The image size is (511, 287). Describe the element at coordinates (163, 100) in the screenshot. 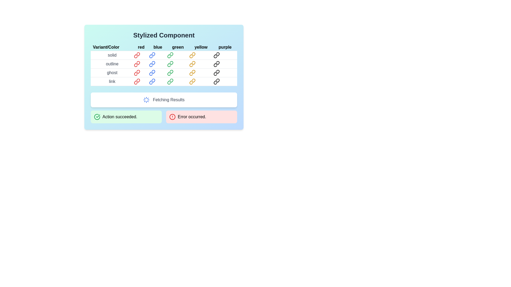

I see `the loading status of the Status Indicator, which features a blue circular loading spinner and the text 'Fetching Results' on a white background` at that location.